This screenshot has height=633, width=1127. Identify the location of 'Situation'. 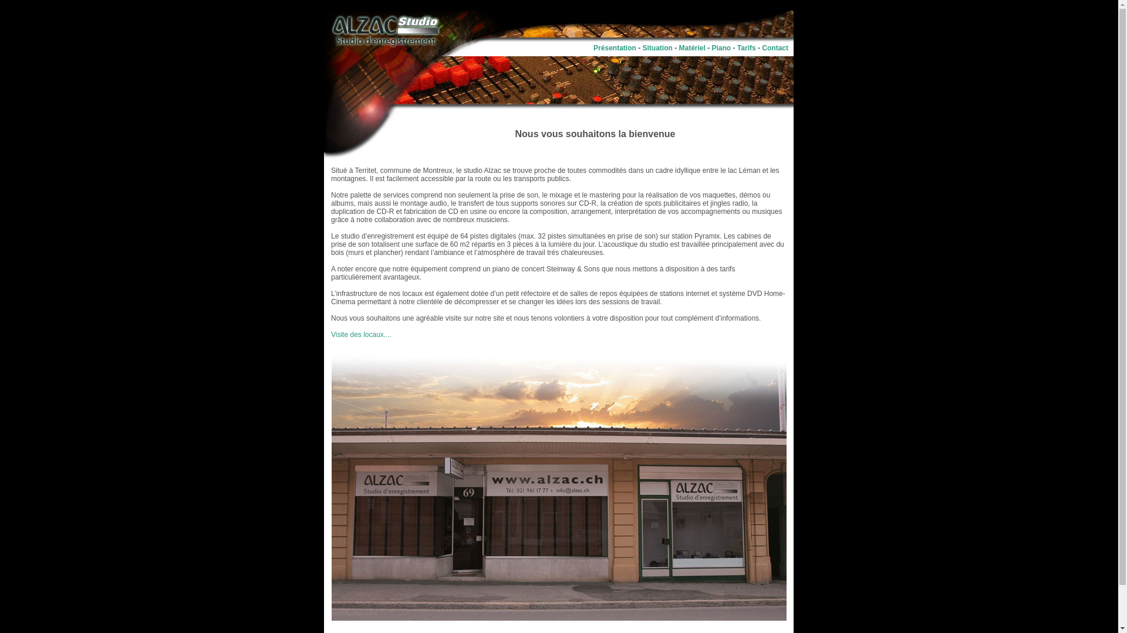
(642, 47).